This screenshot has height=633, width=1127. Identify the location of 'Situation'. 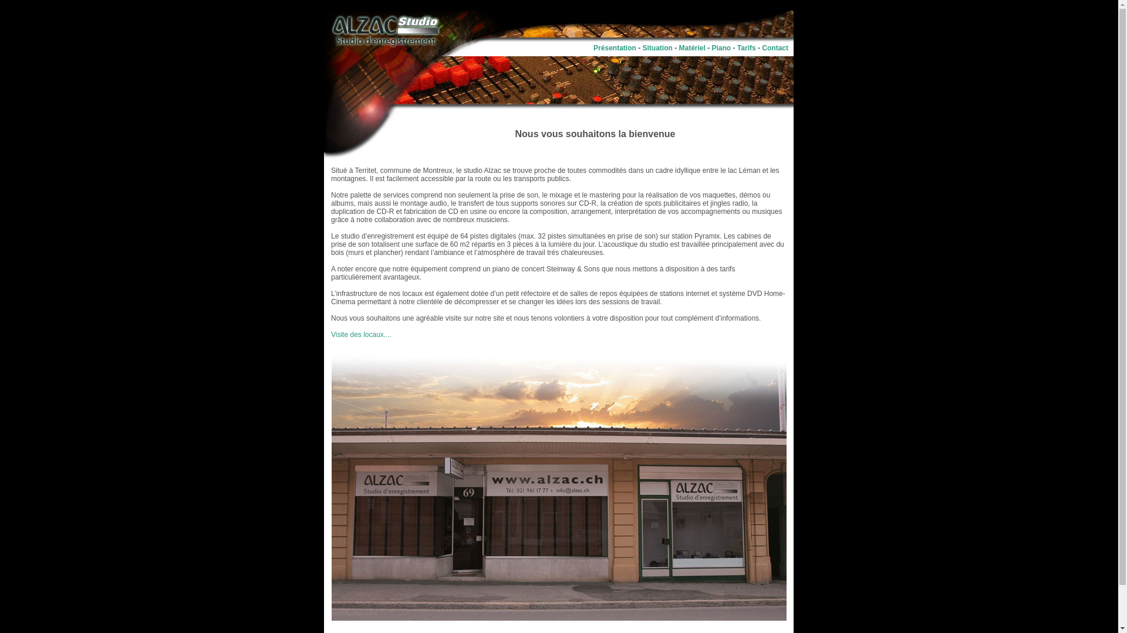
(642, 47).